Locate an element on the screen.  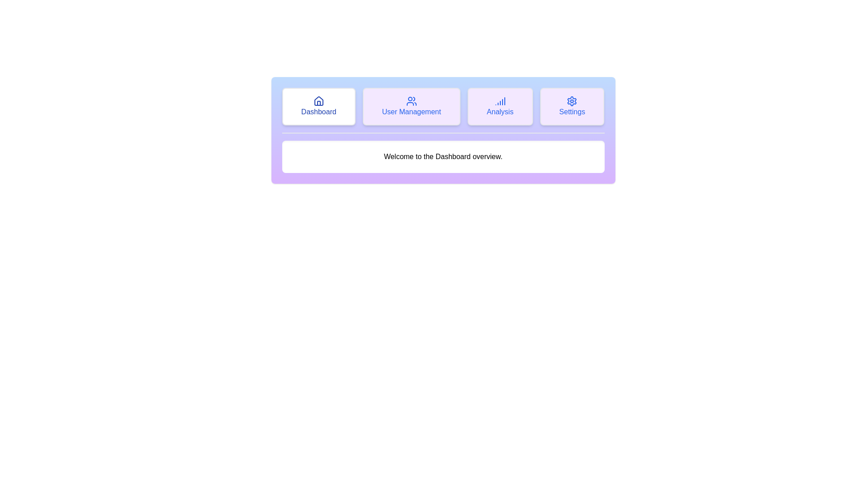
the 'Dashboard' static text label, which is styled in blue sans-serif font and located below the house icon in the navigation card layout is located at coordinates (318, 112).